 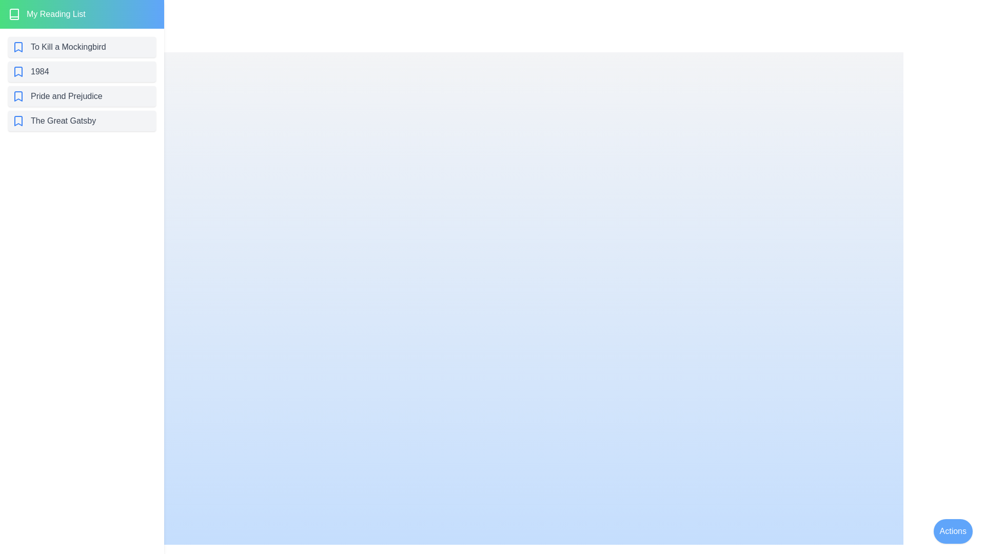 What do you see at coordinates (81, 96) in the screenshot?
I see `the book titled Pride and Prejudice from the list` at bounding box center [81, 96].